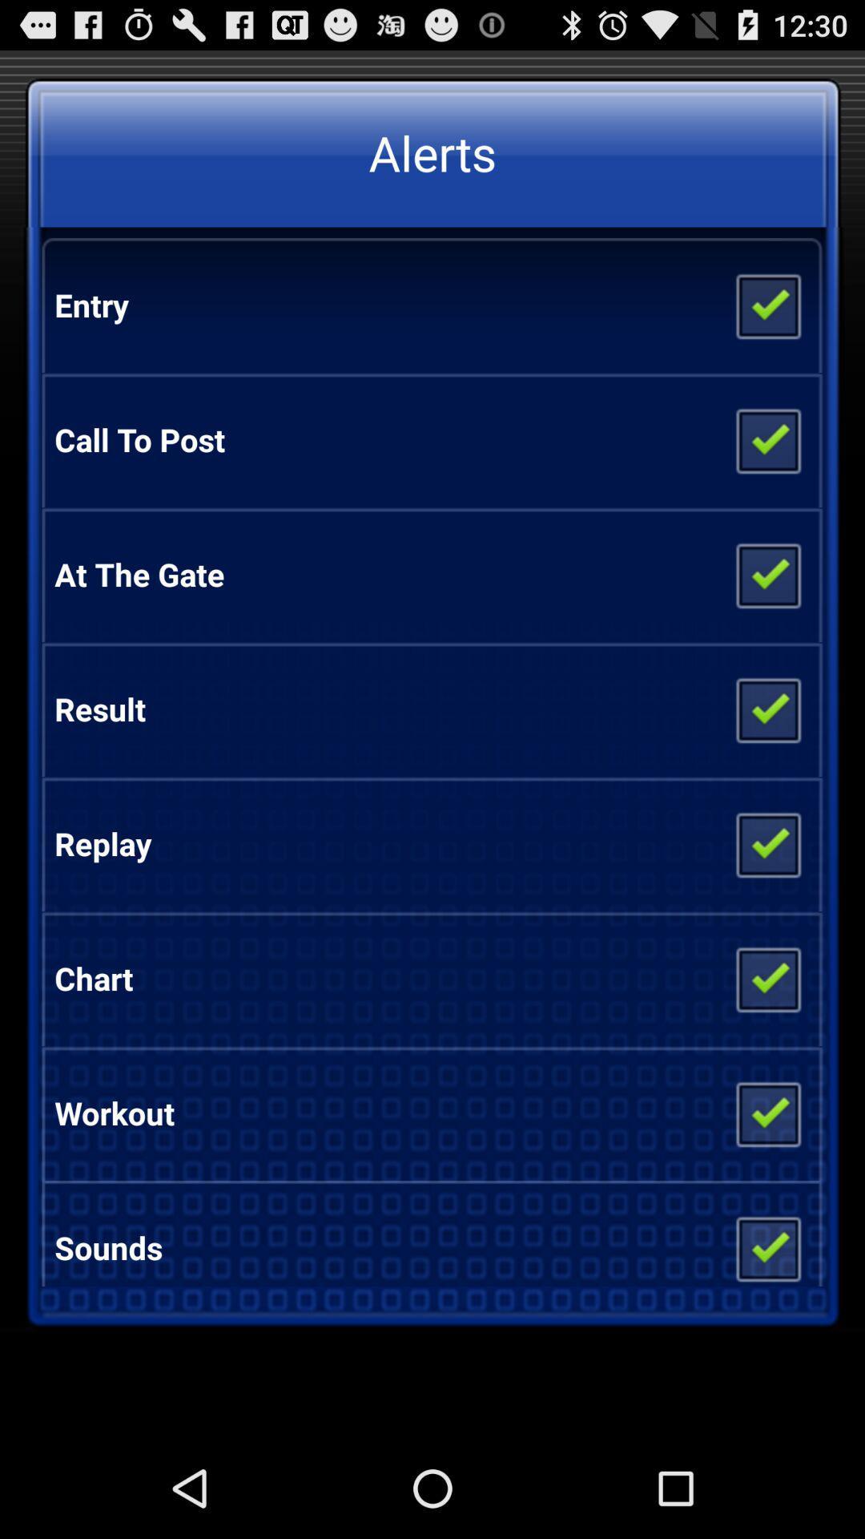 The height and width of the screenshot is (1539, 865). What do you see at coordinates (766, 1241) in the screenshot?
I see `unclick` at bounding box center [766, 1241].